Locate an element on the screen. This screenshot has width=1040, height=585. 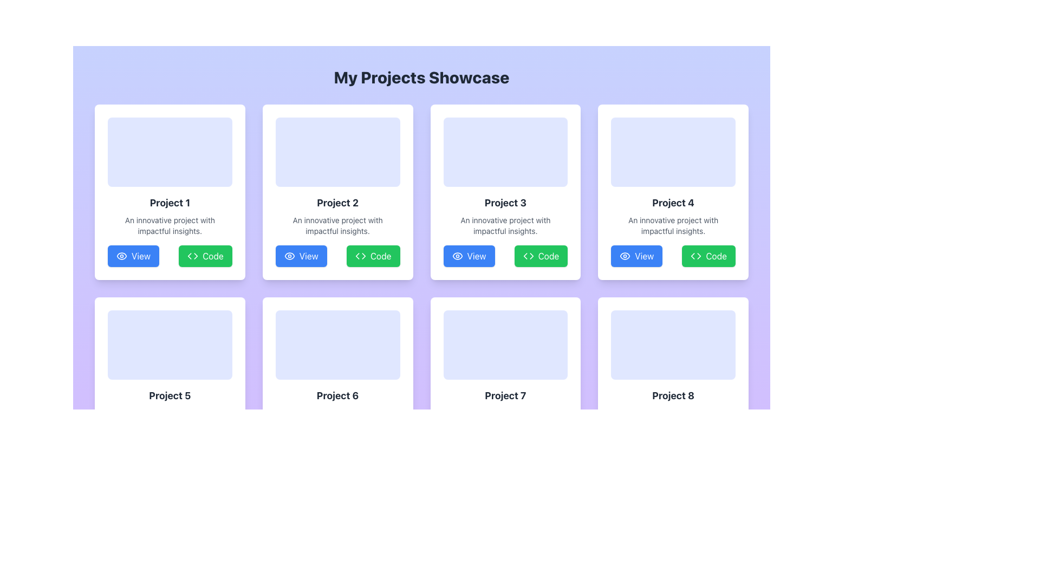
the button associated with 'Project 2', which is the second button in the row of buttons at the bottom of its card is located at coordinates (373, 256).